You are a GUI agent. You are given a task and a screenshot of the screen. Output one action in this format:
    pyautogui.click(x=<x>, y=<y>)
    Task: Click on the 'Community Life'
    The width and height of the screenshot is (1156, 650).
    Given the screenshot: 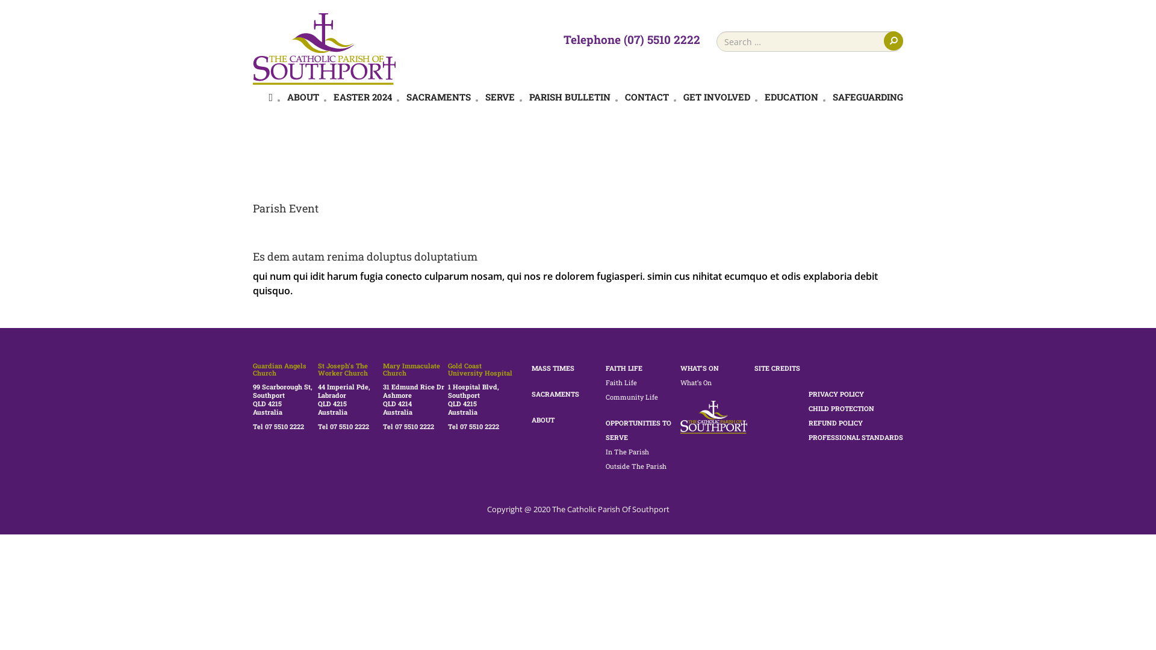 What is the action you would take?
    pyautogui.click(x=631, y=397)
    